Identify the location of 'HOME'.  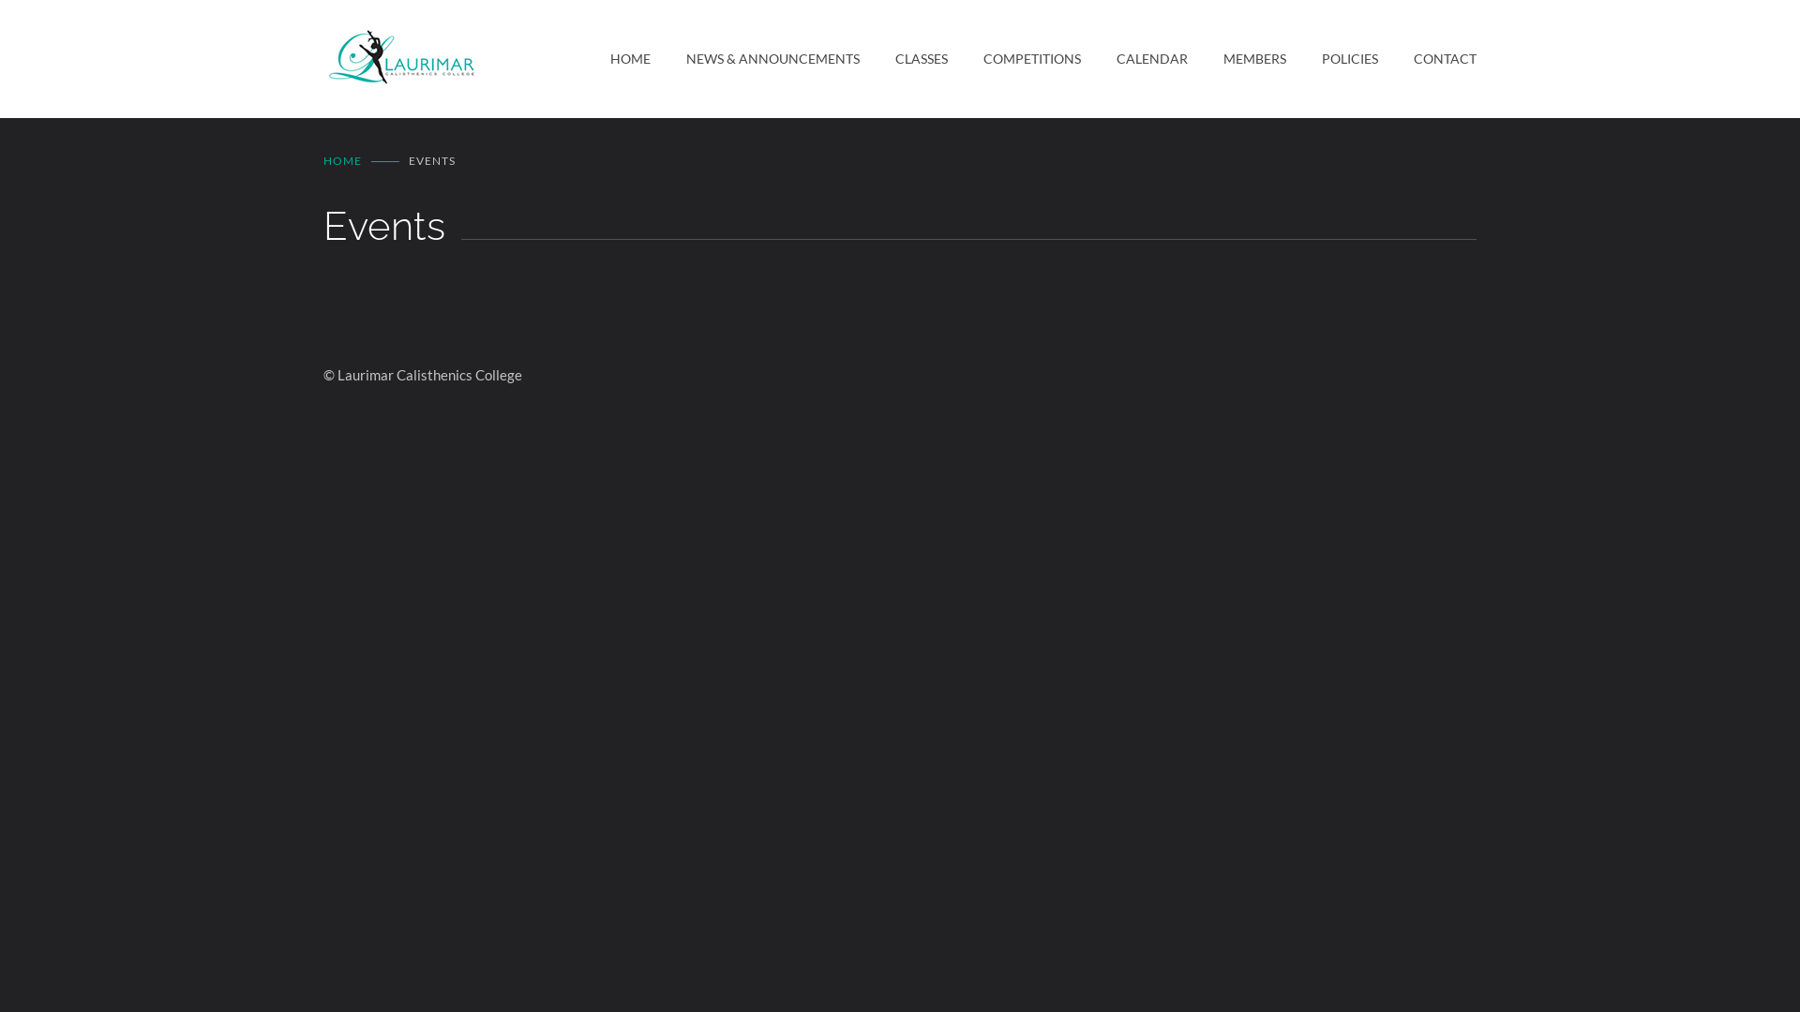
(610, 57).